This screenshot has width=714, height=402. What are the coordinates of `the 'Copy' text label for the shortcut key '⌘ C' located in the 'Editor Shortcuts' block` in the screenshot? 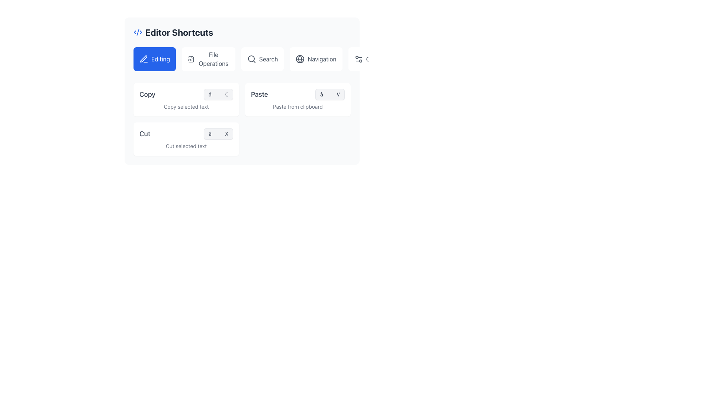 It's located at (147, 94).